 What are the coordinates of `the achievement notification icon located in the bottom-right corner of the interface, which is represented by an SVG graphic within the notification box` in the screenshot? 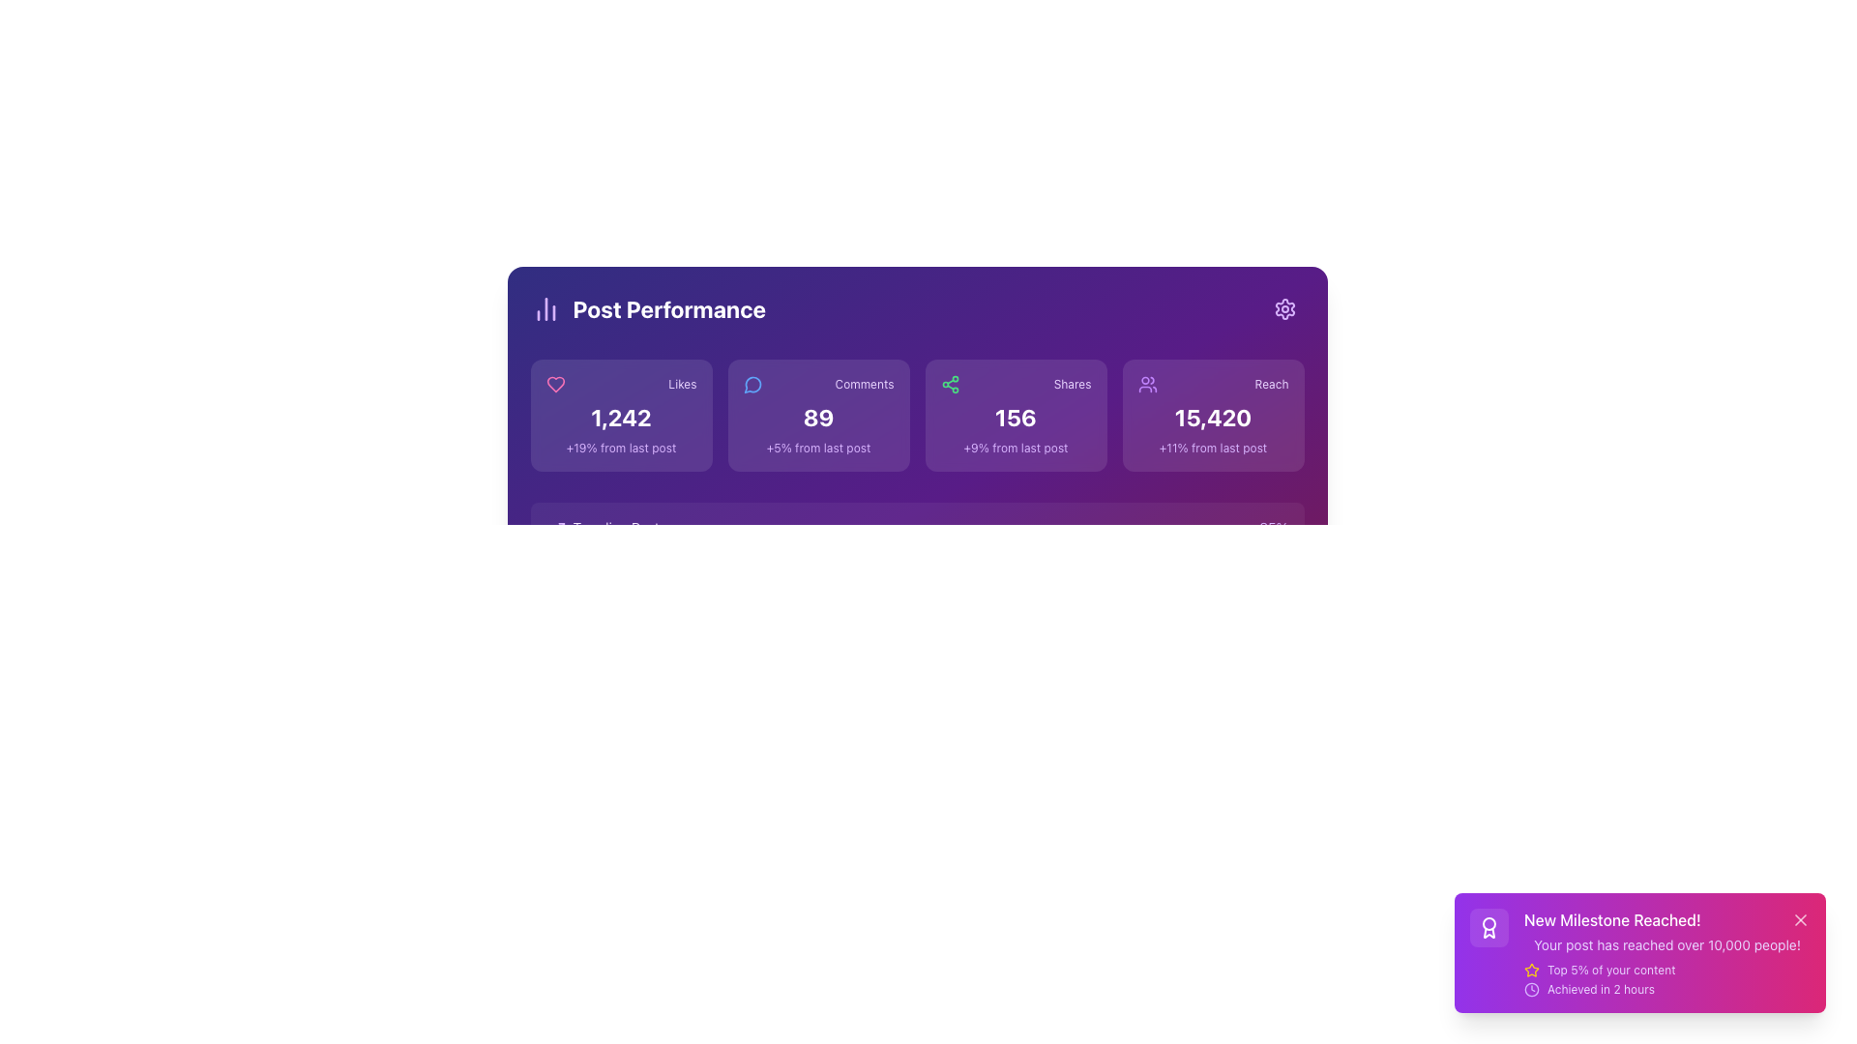 It's located at (1489, 927).